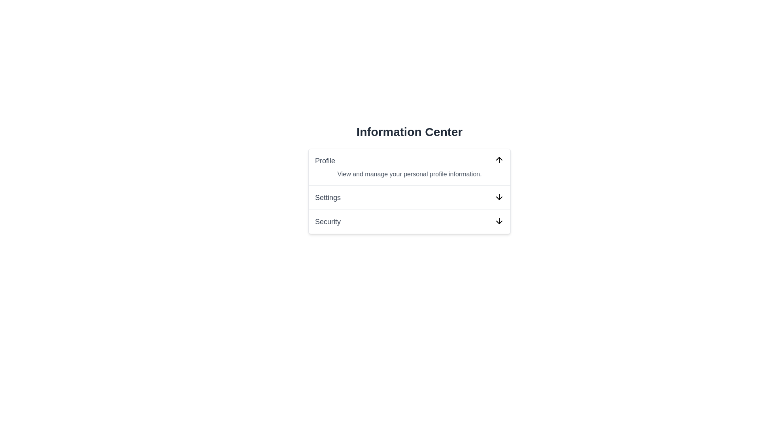 This screenshot has height=427, width=759. I want to click on 'Settings' label located in the second row of the 'Information Center' menu, positioned to the left of the downward arrow icon, so click(328, 197).